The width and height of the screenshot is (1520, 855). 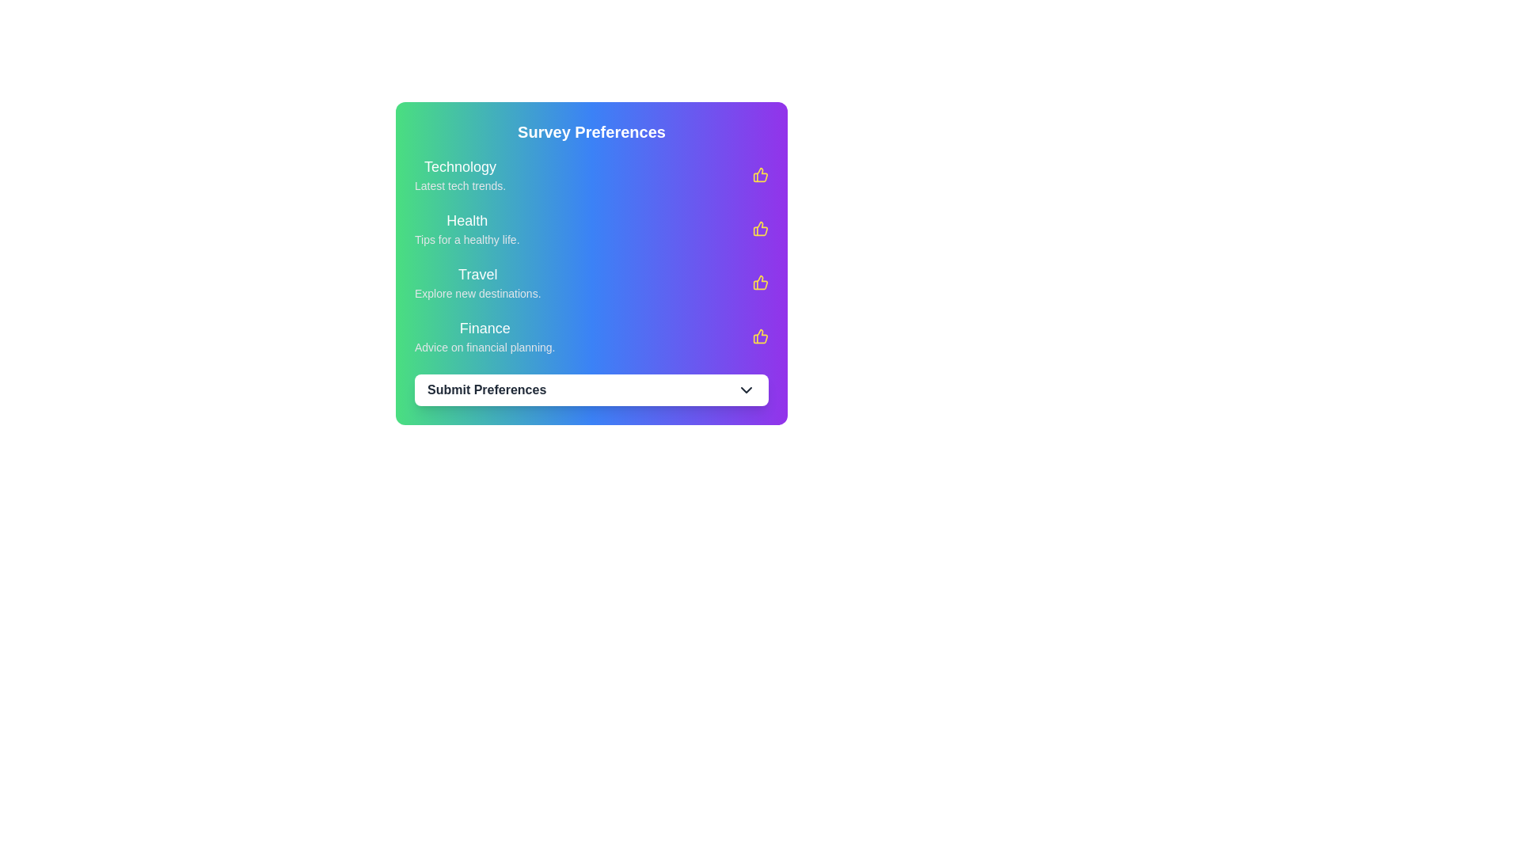 What do you see at coordinates (747, 335) in the screenshot?
I see `the fourth thumbs-up icon aligned to the right of the 'Finance' section` at bounding box center [747, 335].